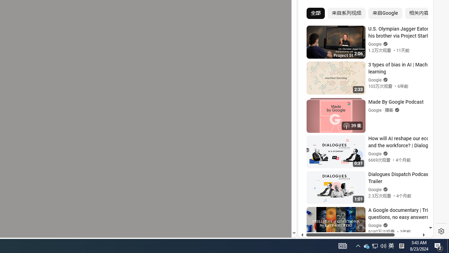  I want to click on '#you', so click(363, 154).